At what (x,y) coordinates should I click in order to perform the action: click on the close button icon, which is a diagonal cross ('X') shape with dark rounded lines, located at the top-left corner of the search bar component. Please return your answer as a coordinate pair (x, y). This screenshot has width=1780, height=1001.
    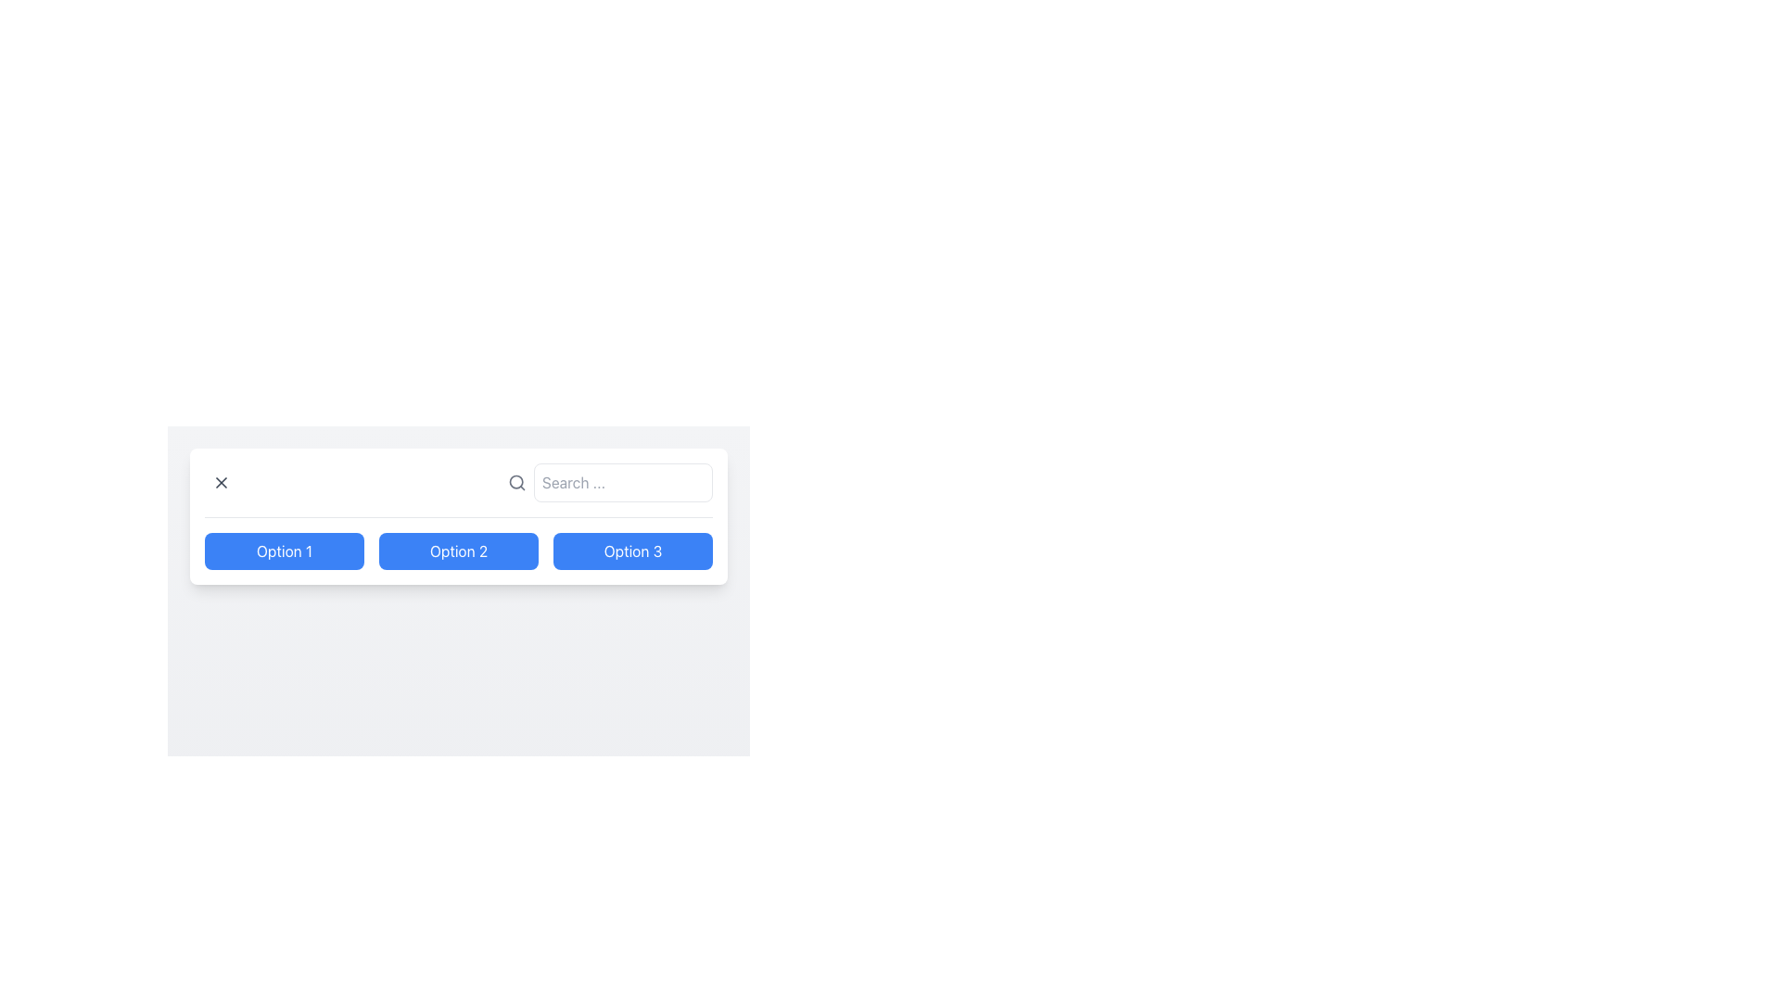
    Looking at the image, I should click on (222, 481).